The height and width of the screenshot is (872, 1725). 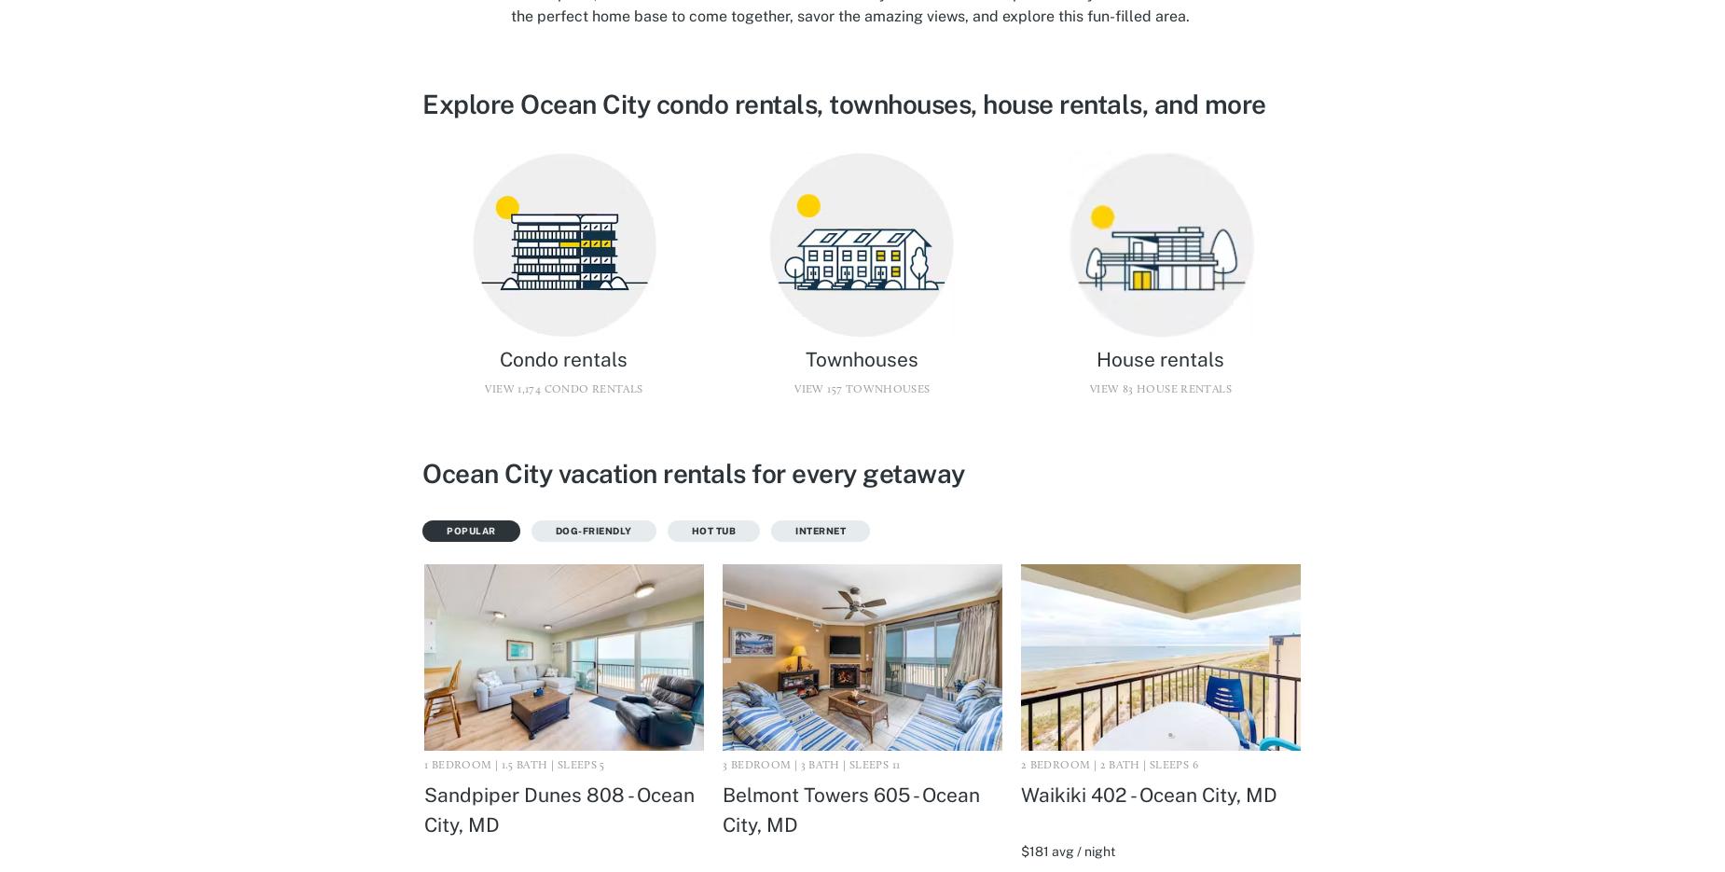 What do you see at coordinates (514, 764) in the screenshot?
I see `'1 Bedroom | 1.5 Bath | Sleeps 5'` at bounding box center [514, 764].